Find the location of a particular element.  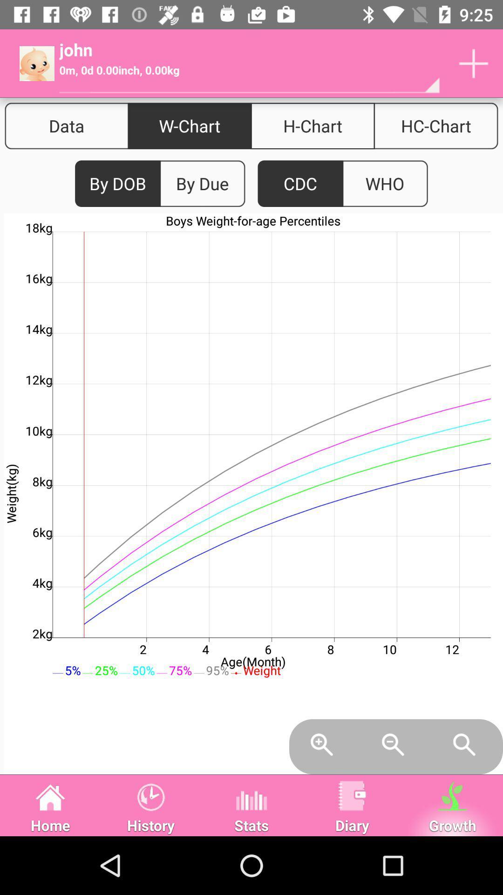

w-chart item is located at coordinates (189, 125).